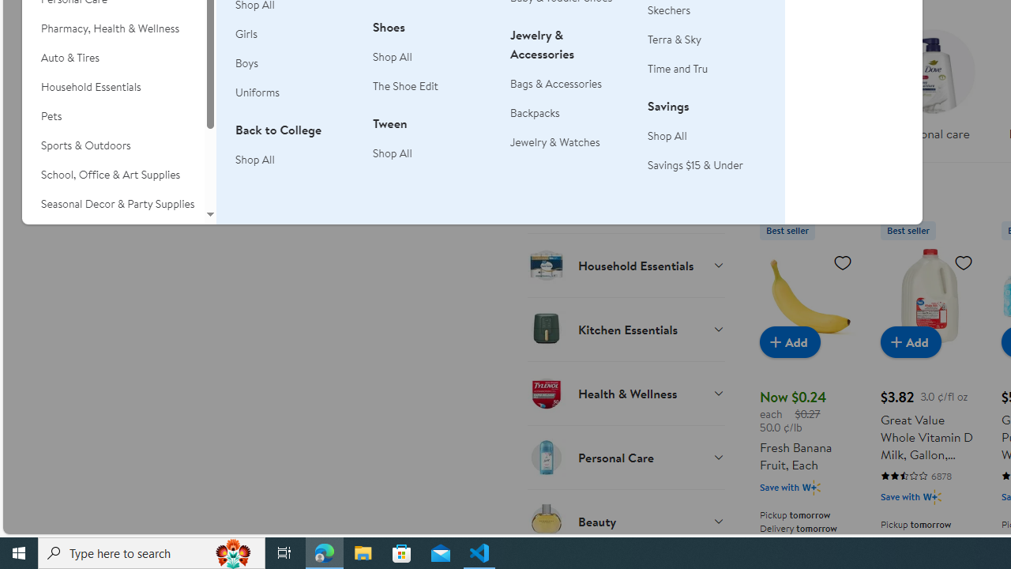  Describe the element at coordinates (257, 92) in the screenshot. I see `'Uniforms'` at that location.